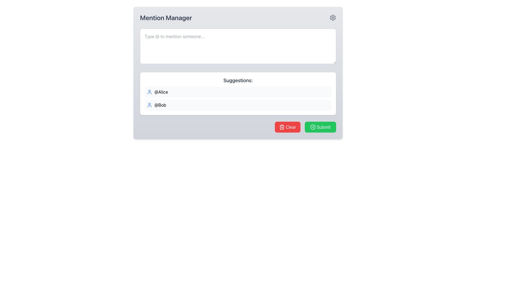  Describe the element at coordinates (149, 92) in the screenshot. I see `the suggestion by clicking the user-inspired icon with a circular outline and a silhouette of a person, located at the beginning of the suggestion row labeled '@Alice'` at that location.